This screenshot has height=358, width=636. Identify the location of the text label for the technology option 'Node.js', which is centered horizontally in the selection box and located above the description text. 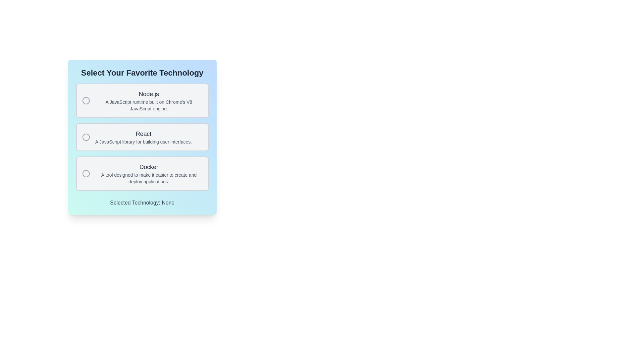
(148, 94).